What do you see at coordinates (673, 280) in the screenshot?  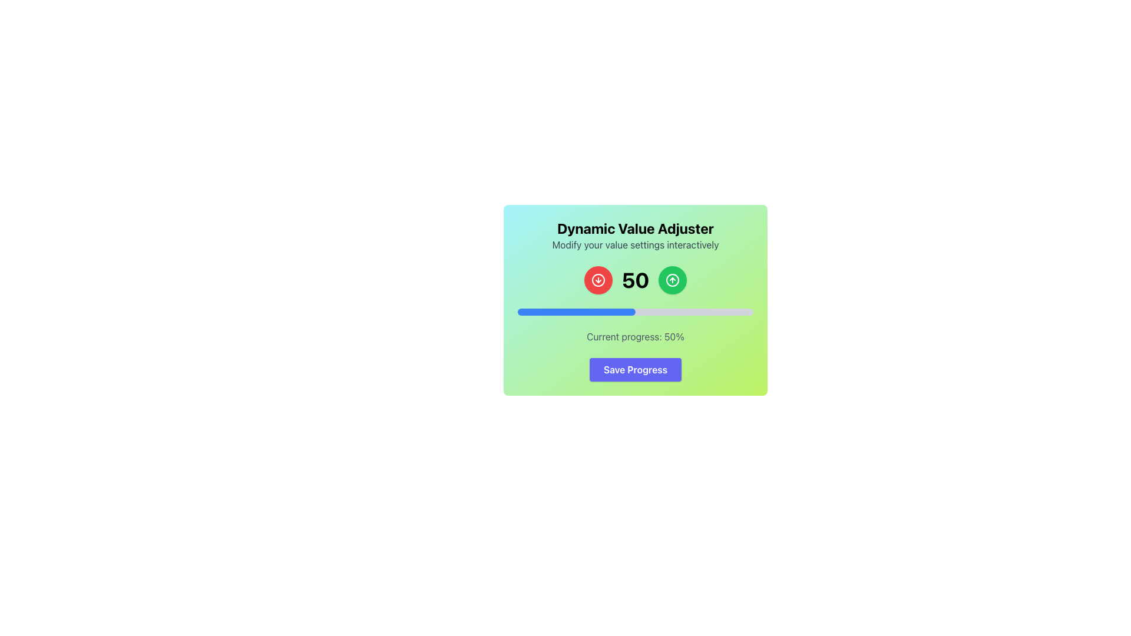 I see `the upward arrow button with a green background to increase the value, located below 'Dynamic Value Adjuster' and next to the value '50'` at bounding box center [673, 280].